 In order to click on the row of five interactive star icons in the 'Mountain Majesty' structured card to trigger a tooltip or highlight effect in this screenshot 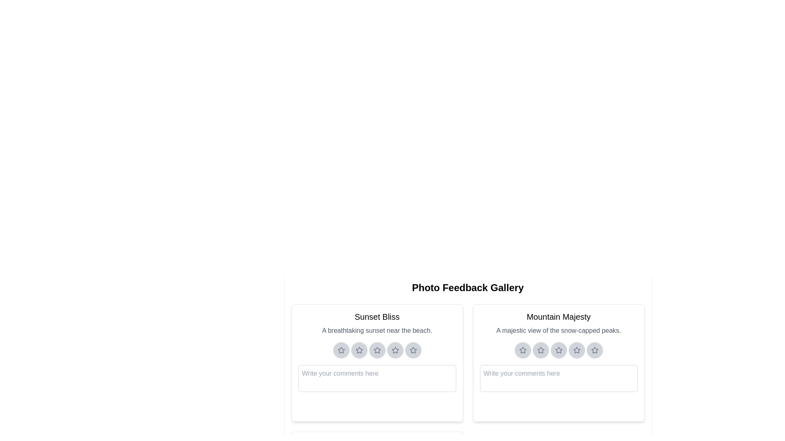, I will do `click(558, 362)`.